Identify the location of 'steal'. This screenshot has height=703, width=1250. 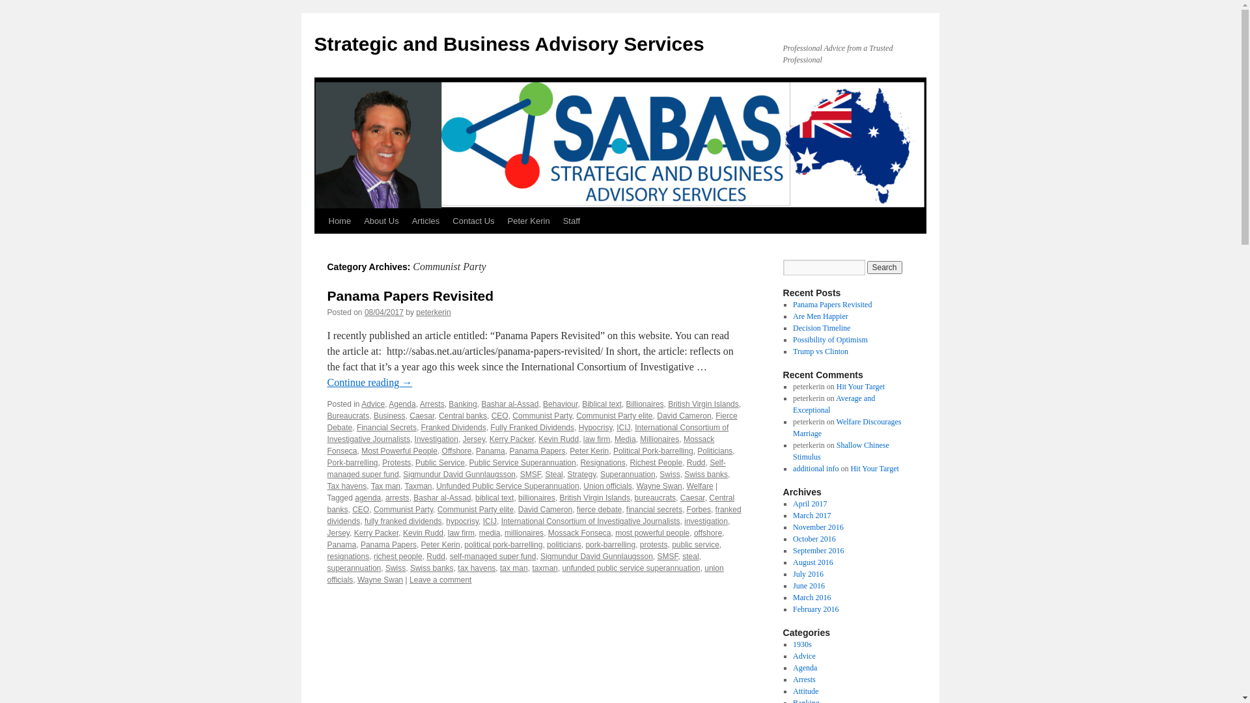
(689, 557).